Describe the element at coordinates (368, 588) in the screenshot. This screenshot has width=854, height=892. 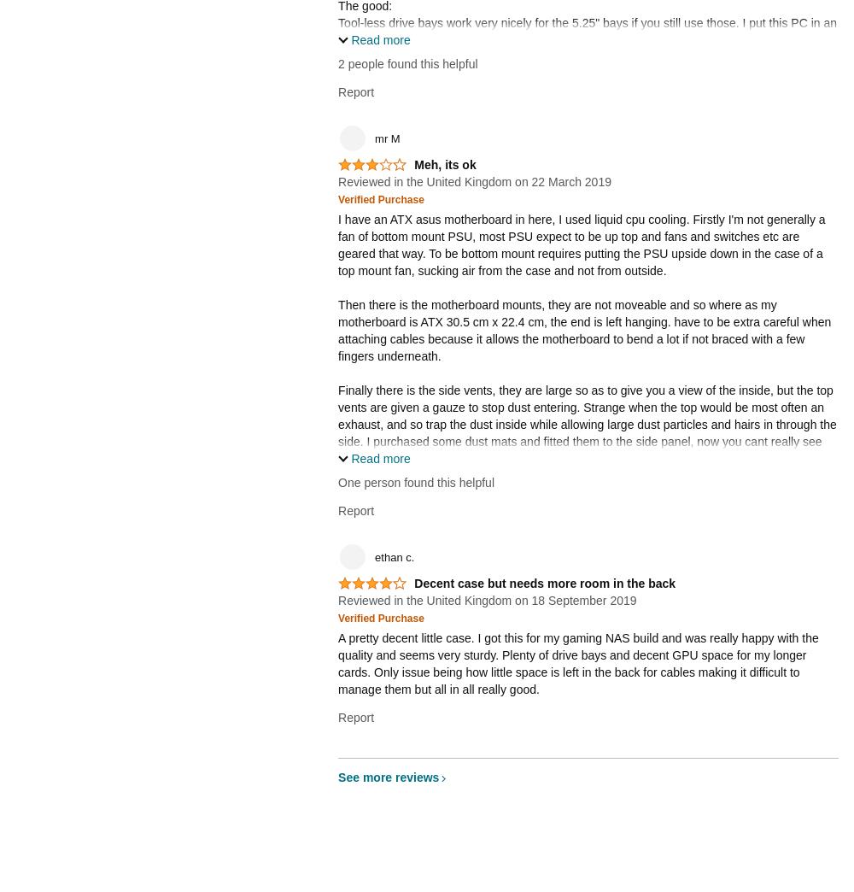
I see `'4.0 out of 5 stars'` at that location.